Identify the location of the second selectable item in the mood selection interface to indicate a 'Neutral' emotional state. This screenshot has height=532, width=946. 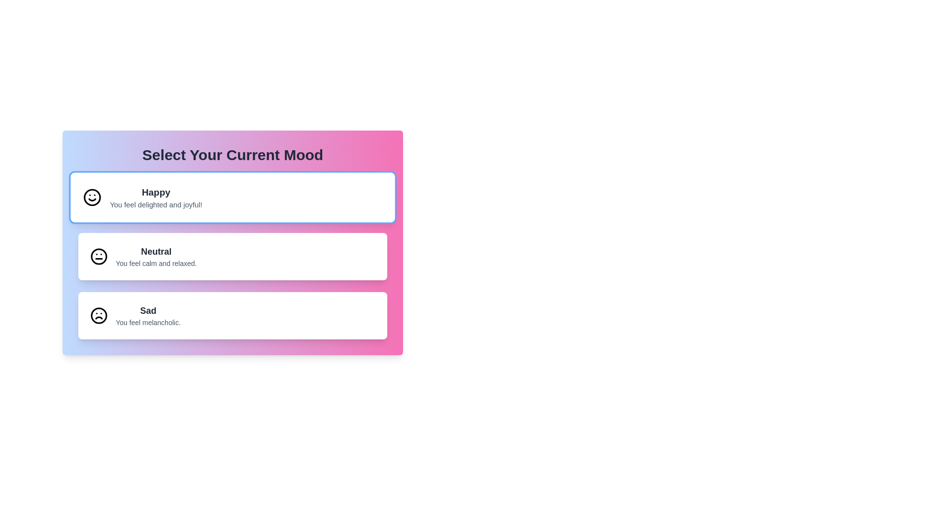
(232, 243).